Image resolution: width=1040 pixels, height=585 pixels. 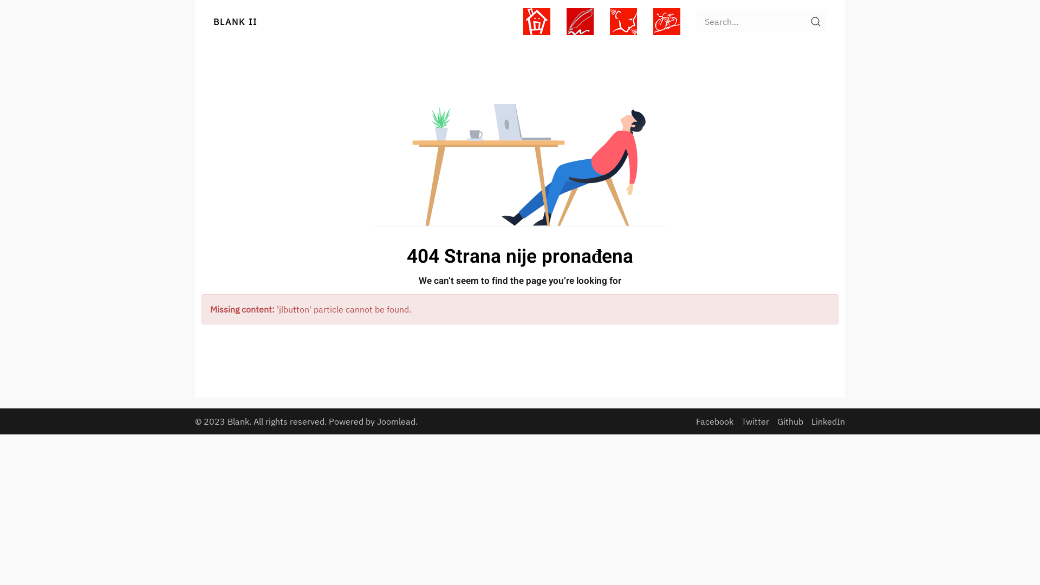 I want to click on 'Facebook', so click(x=714, y=421).